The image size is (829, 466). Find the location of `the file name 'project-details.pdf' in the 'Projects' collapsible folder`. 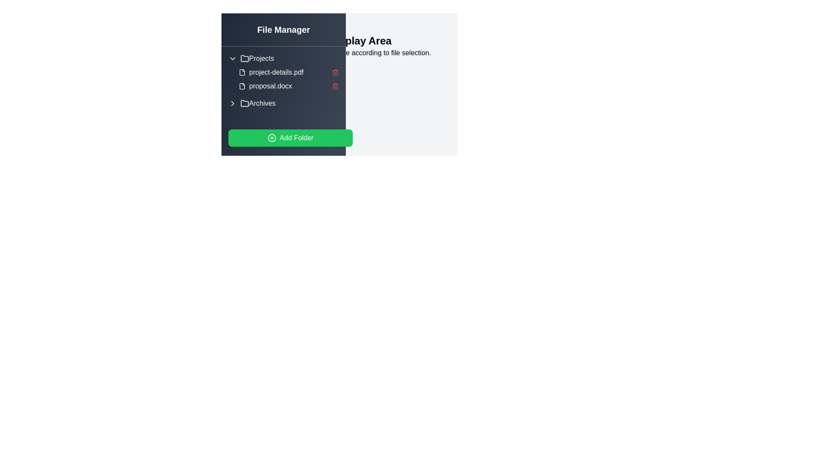

the file name 'project-details.pdf' in the 'Projects' collapsible folder is located at coordinates (284, 72).